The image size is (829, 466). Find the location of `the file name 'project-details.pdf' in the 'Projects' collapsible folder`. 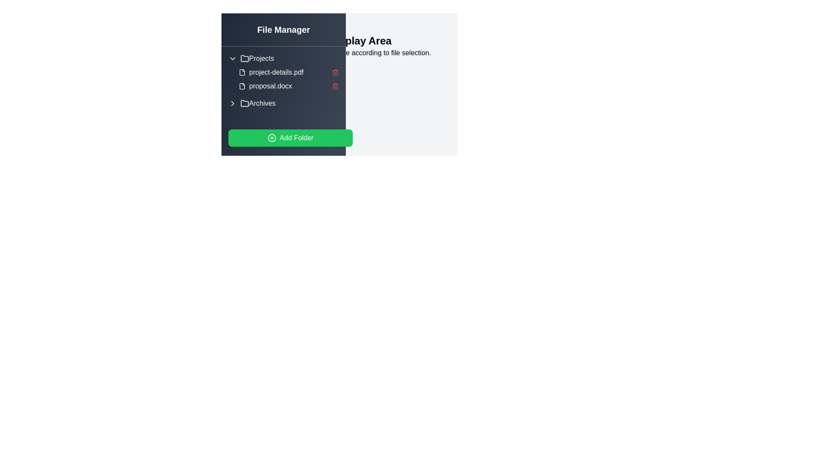

the file name 'project-details.pdf' in the 'Projects' collapsible folder is located at coordinates (284, 72).